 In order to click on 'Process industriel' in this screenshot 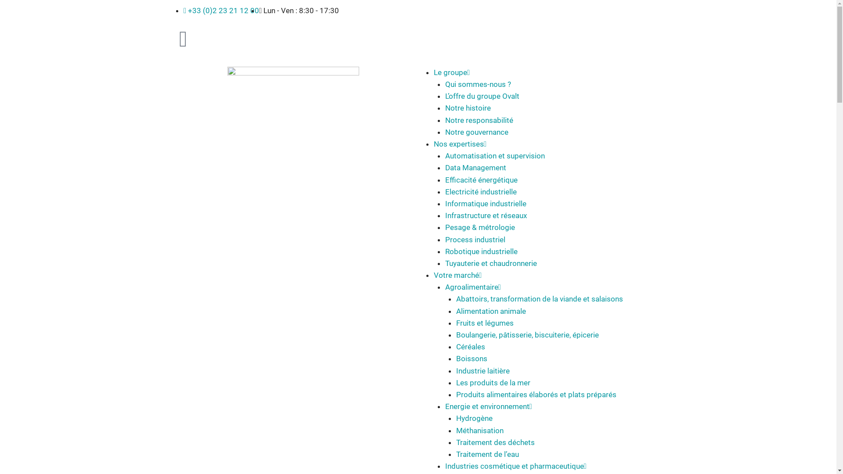, I will do `click(475, 240)`.